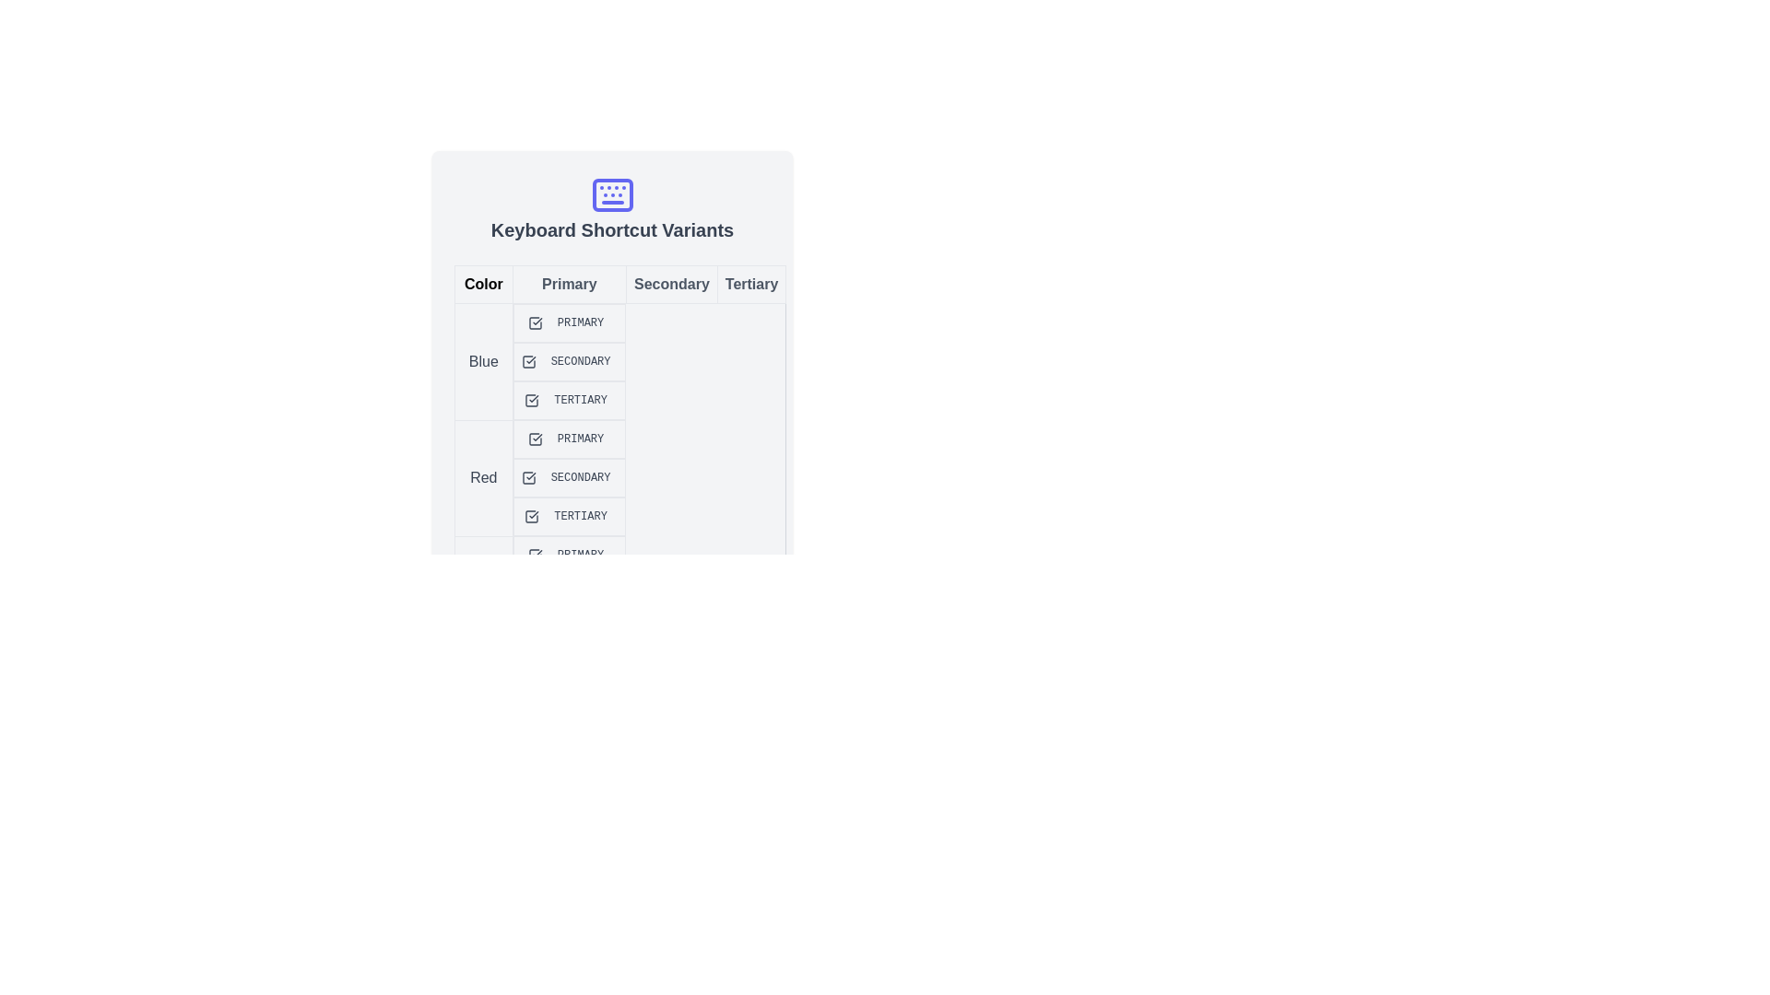 This screenshot has height=995, width=1770. I want to click on the 'Color' label, which is the first element in a series of four horizontally aligned sections beneath the 'Keyboard Shortcut Variants' heading, so click(483, 284).